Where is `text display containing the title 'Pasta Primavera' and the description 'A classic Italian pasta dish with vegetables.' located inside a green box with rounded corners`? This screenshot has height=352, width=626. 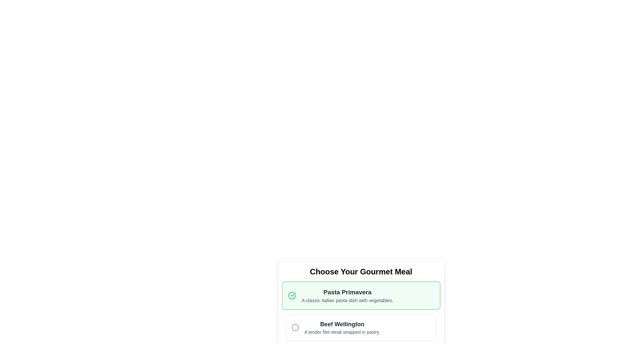
text display containing the title 'Pasta Primavera' and the description 'A classic Italian pasta dish with vegetables.' located inside a green box with rounded corners is located at coordinates (347, 295).